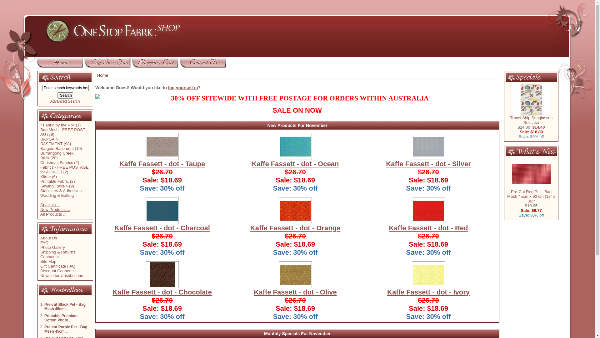 This screenshot has width=600, height=338. Describe the element at coordinates (44, 242) in the screenshot. I see `'FAQ'` at that location.